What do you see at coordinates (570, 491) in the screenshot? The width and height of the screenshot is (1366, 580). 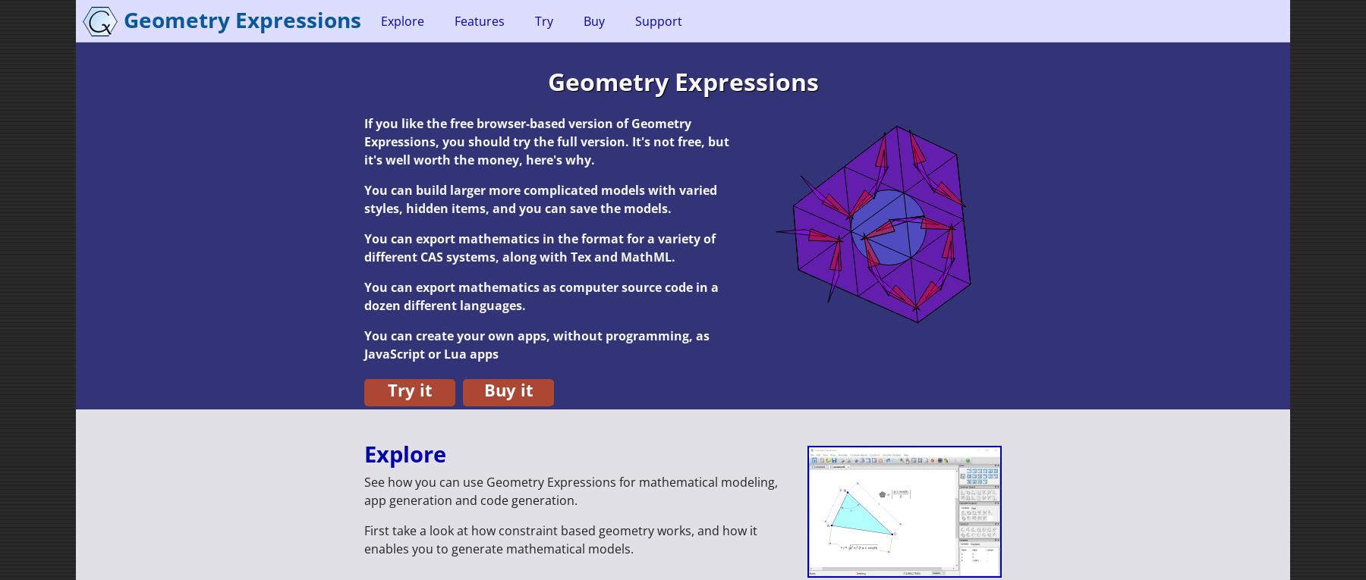 I see `'See how you can use Geometry Expressions for mathematical modeling, app generation and code generation.'` at bounding box center [570, 491].